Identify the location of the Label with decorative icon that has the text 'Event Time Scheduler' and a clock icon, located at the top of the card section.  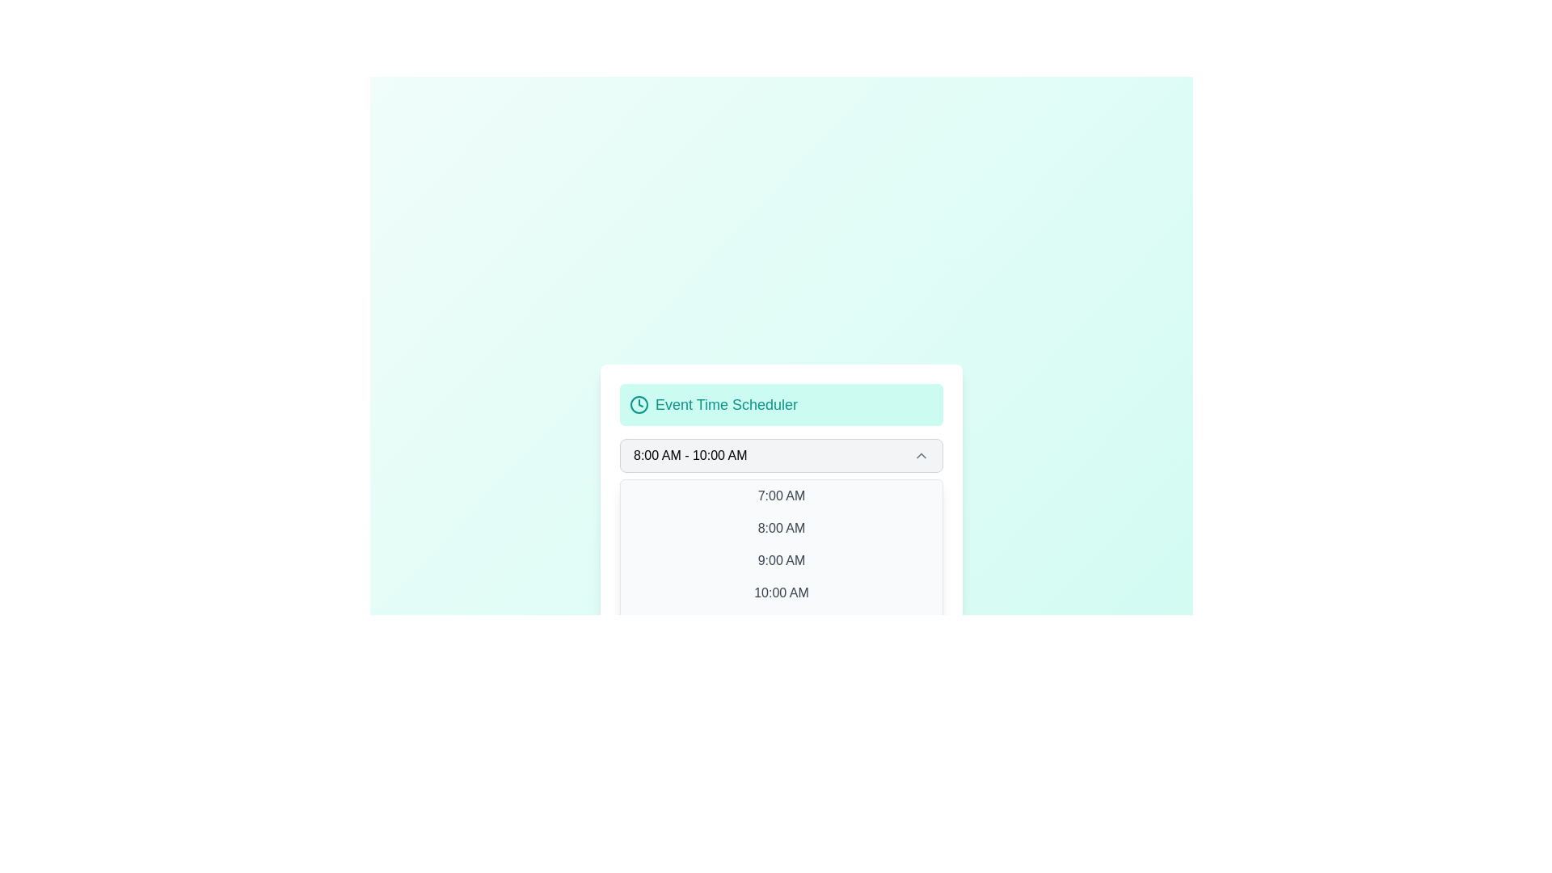
(781, 404).